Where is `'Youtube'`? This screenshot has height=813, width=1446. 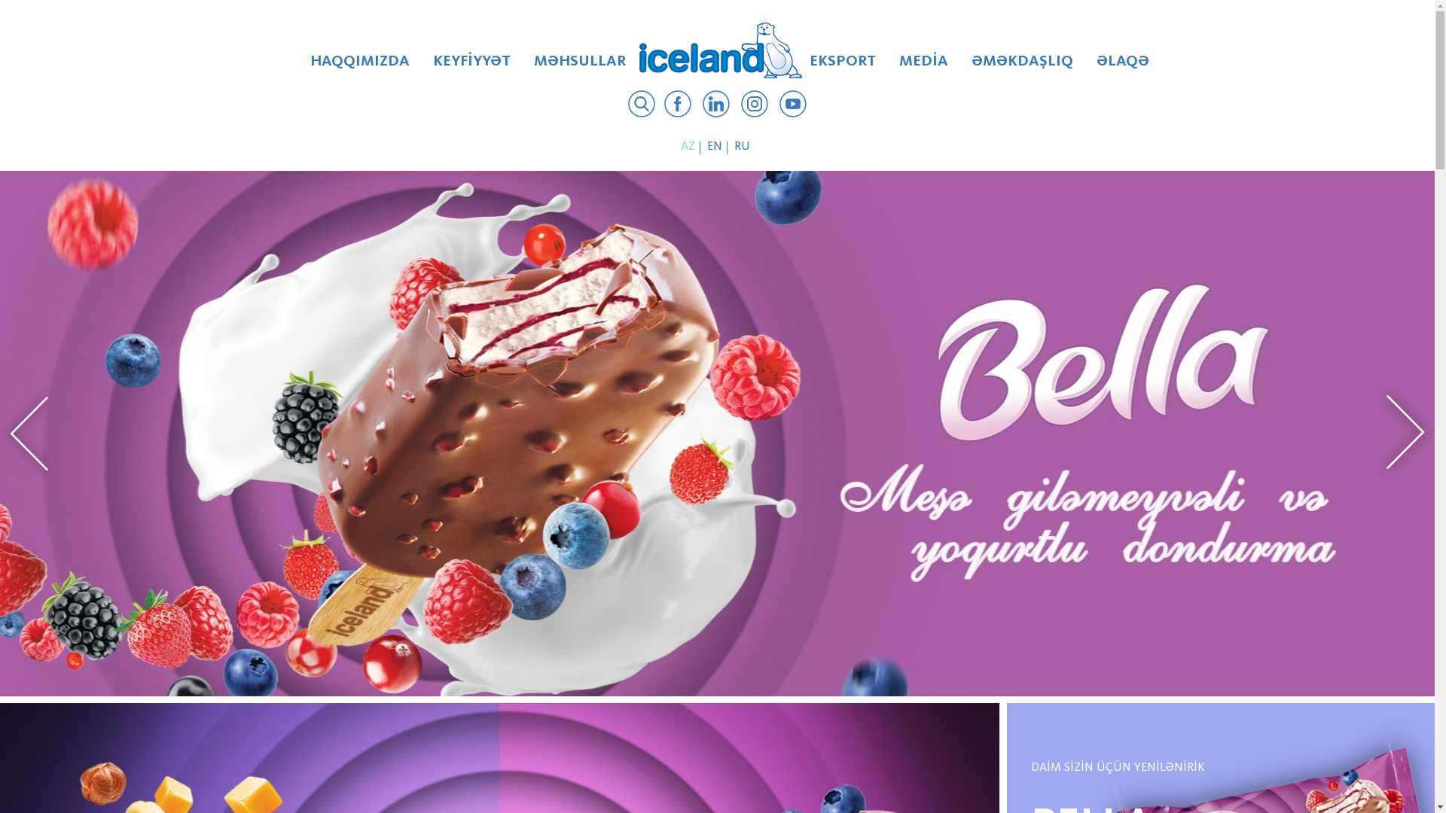 'Youtube' is located at coordinates (792, 105).